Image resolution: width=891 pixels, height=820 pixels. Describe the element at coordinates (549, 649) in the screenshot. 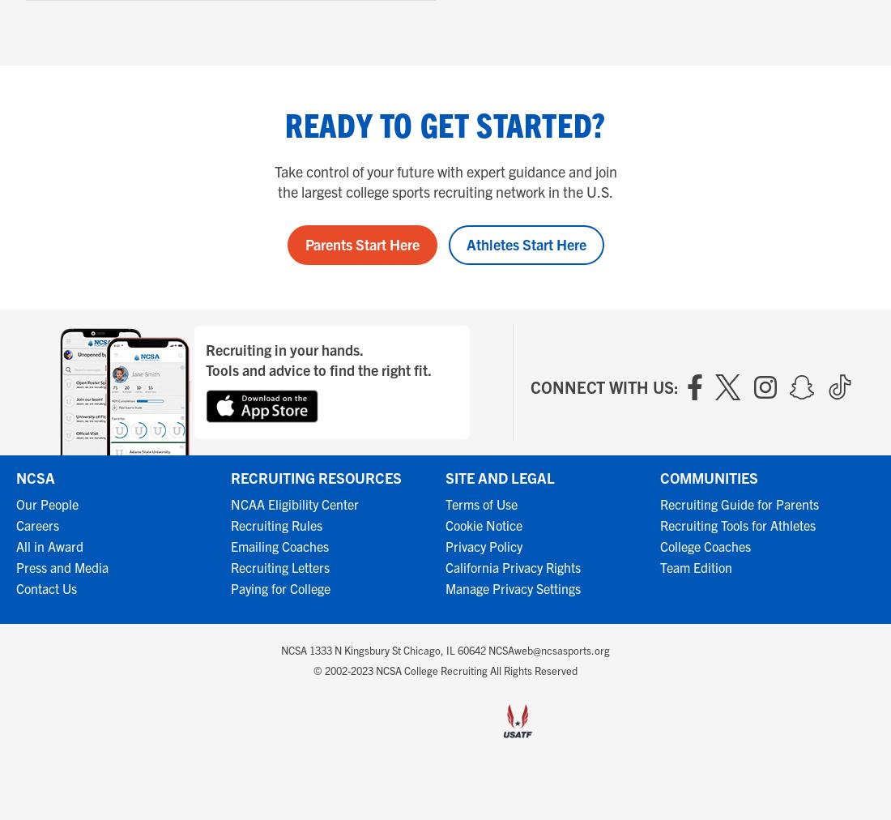

I see `'NCSAweb@ncsasports.org'` at that location.